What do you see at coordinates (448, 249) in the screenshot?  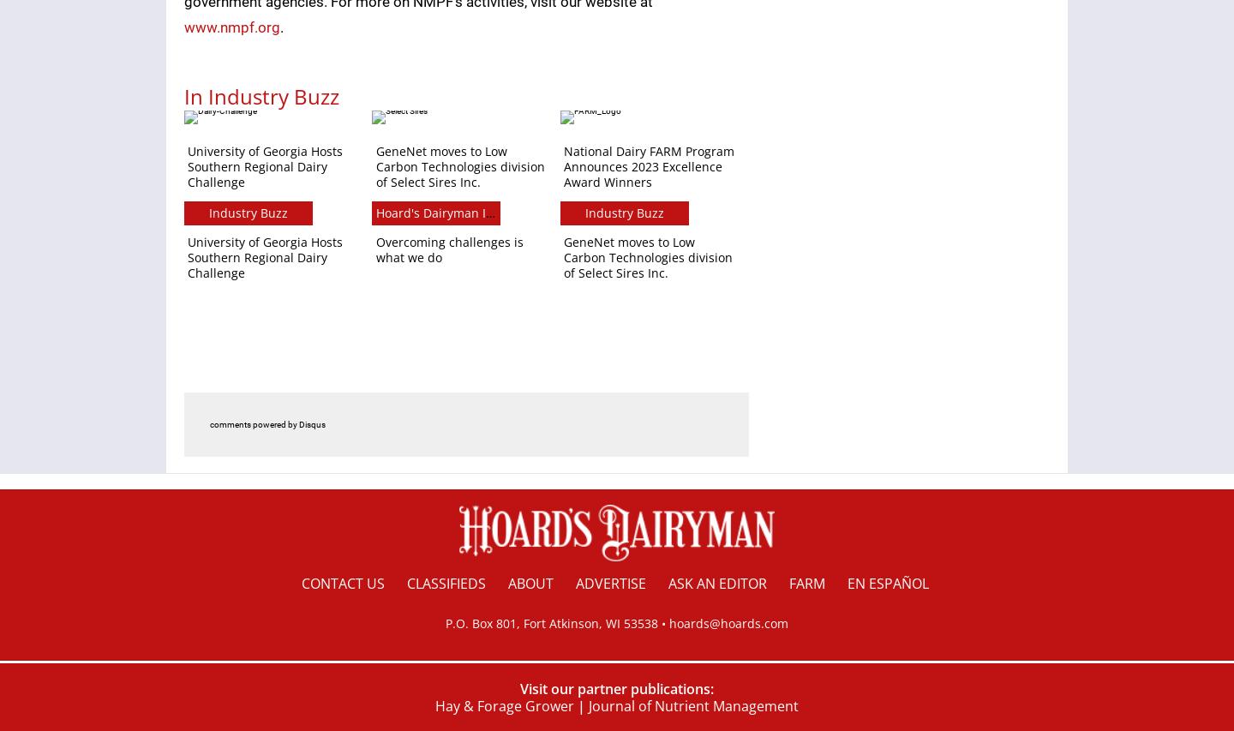 I see `'Overcoming challenges is what we do'` at bounding box center [448, 249].